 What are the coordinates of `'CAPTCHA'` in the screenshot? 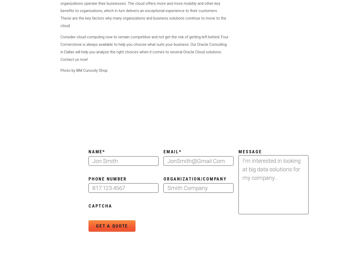 It's located at (100, 205).